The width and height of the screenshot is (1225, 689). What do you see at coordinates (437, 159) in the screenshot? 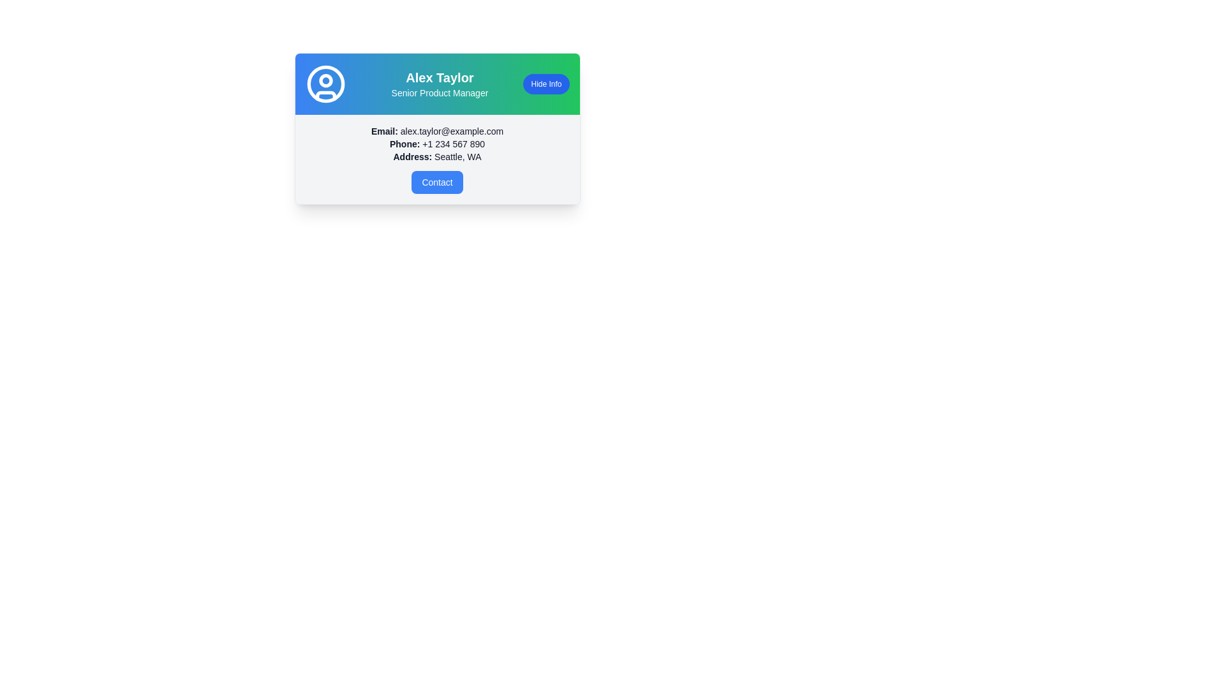
I see `the Informational Section displaying contact information, which includes labels like 'Email:', 'Phone:', and 'Address:', located below the header and above the blue 'Contact' button` at bounding box center [437, 159].